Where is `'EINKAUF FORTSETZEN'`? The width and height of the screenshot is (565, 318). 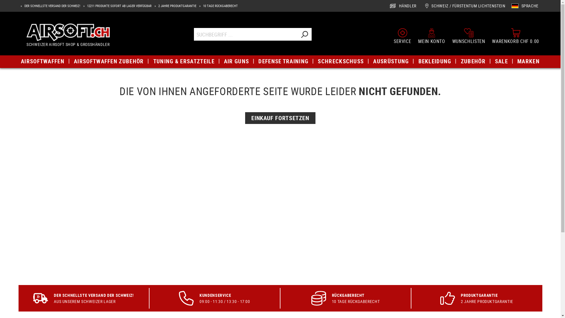
'EINKAUF FORTSETZEN' is located at coordinates (280, 118).